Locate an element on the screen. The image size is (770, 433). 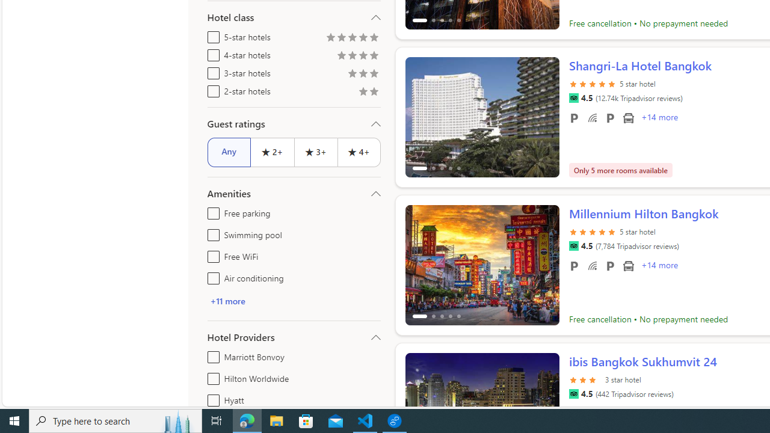
'Swimming pool' is located at coordinates (211, 233).